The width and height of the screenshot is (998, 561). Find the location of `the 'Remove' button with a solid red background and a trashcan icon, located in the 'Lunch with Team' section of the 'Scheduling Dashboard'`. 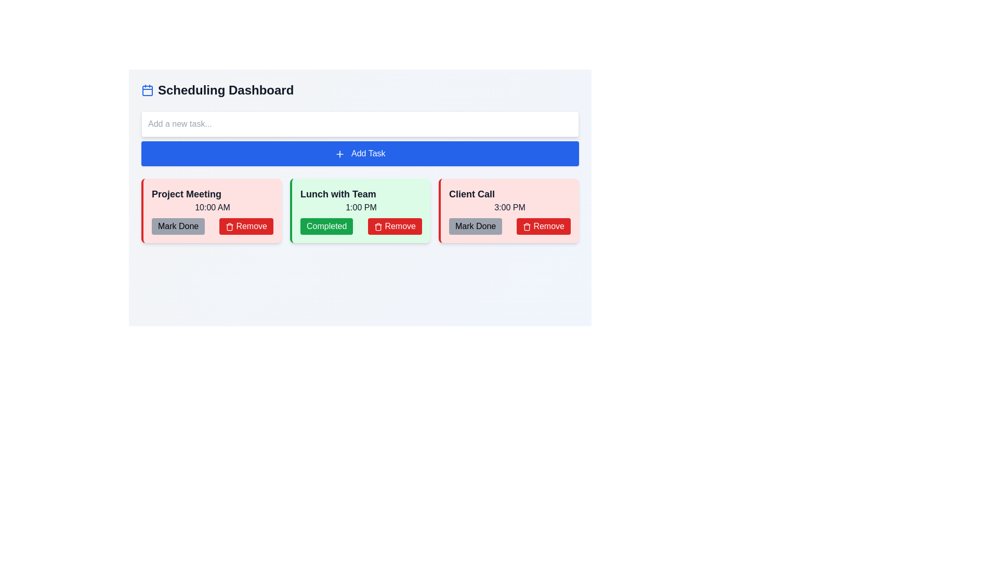

the 'Remove' button with a solid red background and a trashcan icon, located in the 'Lunch with Team' section of the 'Scheduling Dashboard' is located at coordinates (246, 225).